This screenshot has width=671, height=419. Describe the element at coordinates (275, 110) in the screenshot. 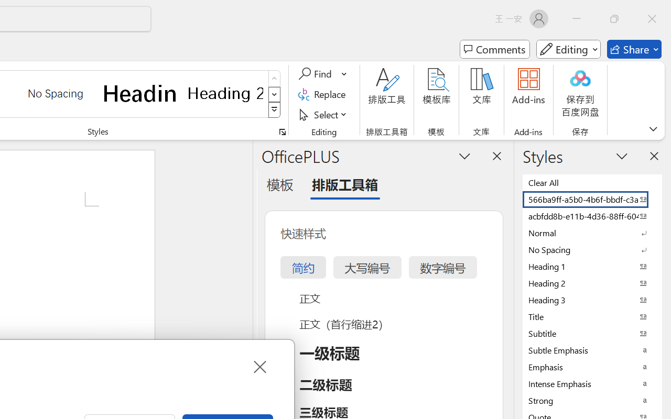

I see `'Class: NetUIImage'` at that location.